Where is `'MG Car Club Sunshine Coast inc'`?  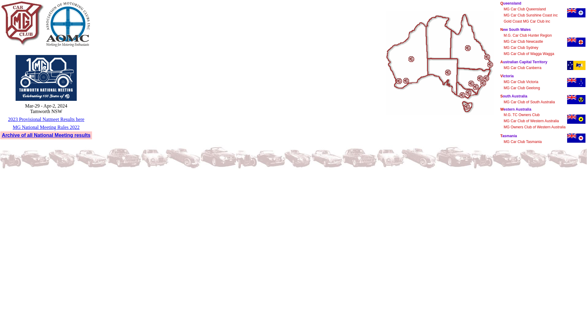
'MG Car Club Sunshine Coast inc' is located at coordinates (530, 15).